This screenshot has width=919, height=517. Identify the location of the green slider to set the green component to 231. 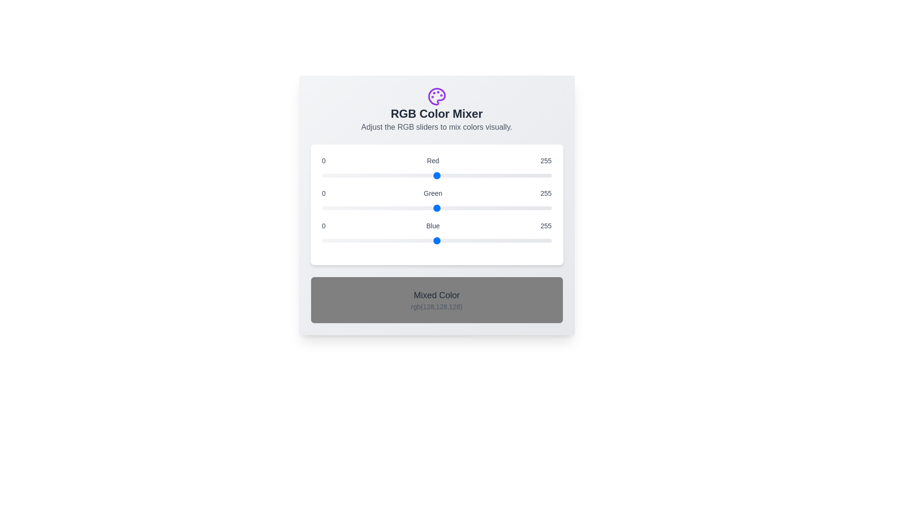
(529, 208).